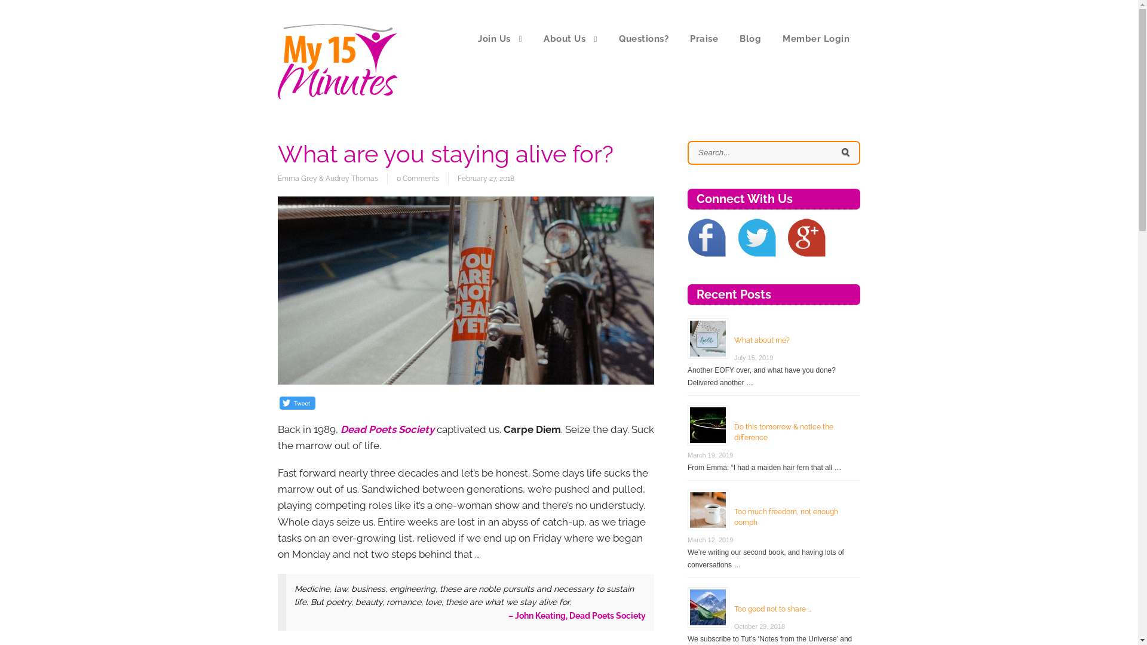 The width and height of the screenshot is (1147, 645). Describe the element at coordinates (845, 152) in the screenshot. I see `'Search'` at that location.